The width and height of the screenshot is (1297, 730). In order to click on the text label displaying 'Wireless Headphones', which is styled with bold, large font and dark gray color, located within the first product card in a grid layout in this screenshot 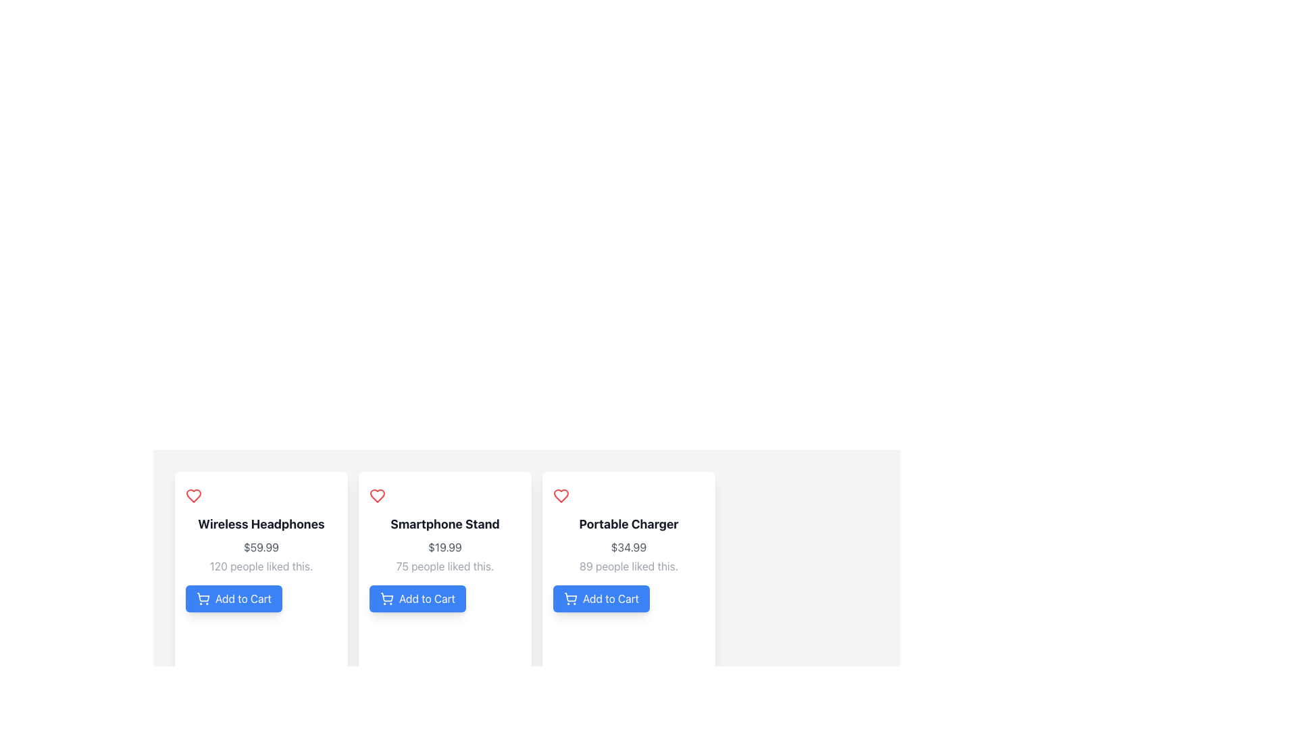, I will do `click(261, 523)`.